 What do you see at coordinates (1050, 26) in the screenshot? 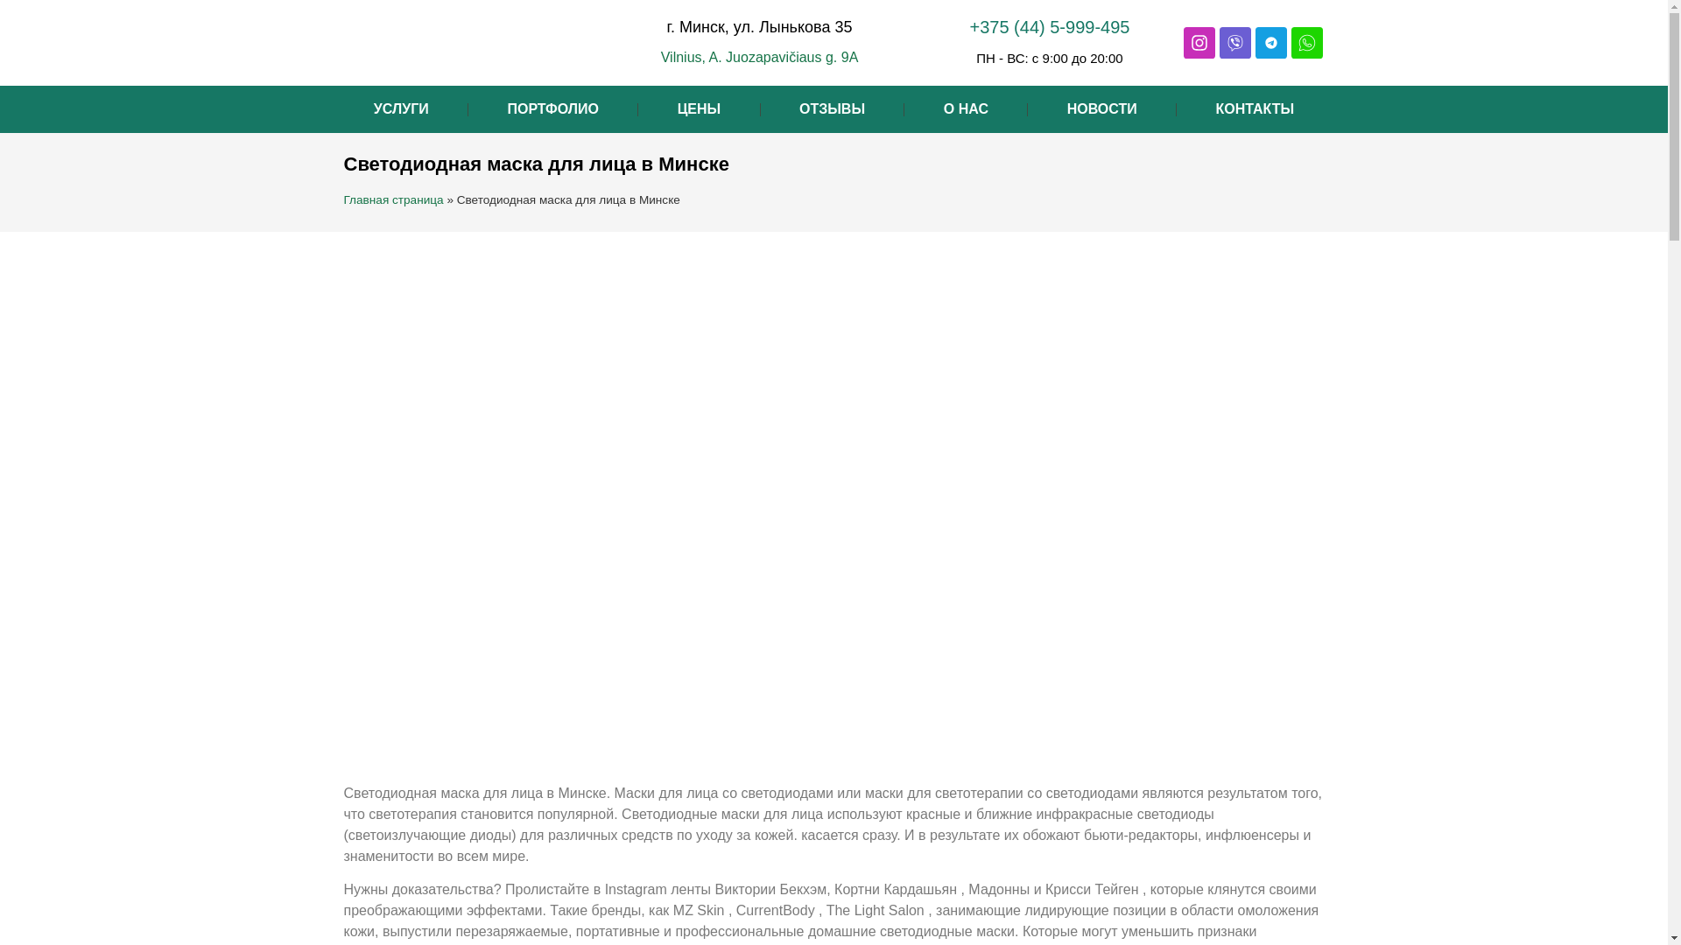
I see `'+375 (44) 5-999-495'` at bounding box center [1050, 26].